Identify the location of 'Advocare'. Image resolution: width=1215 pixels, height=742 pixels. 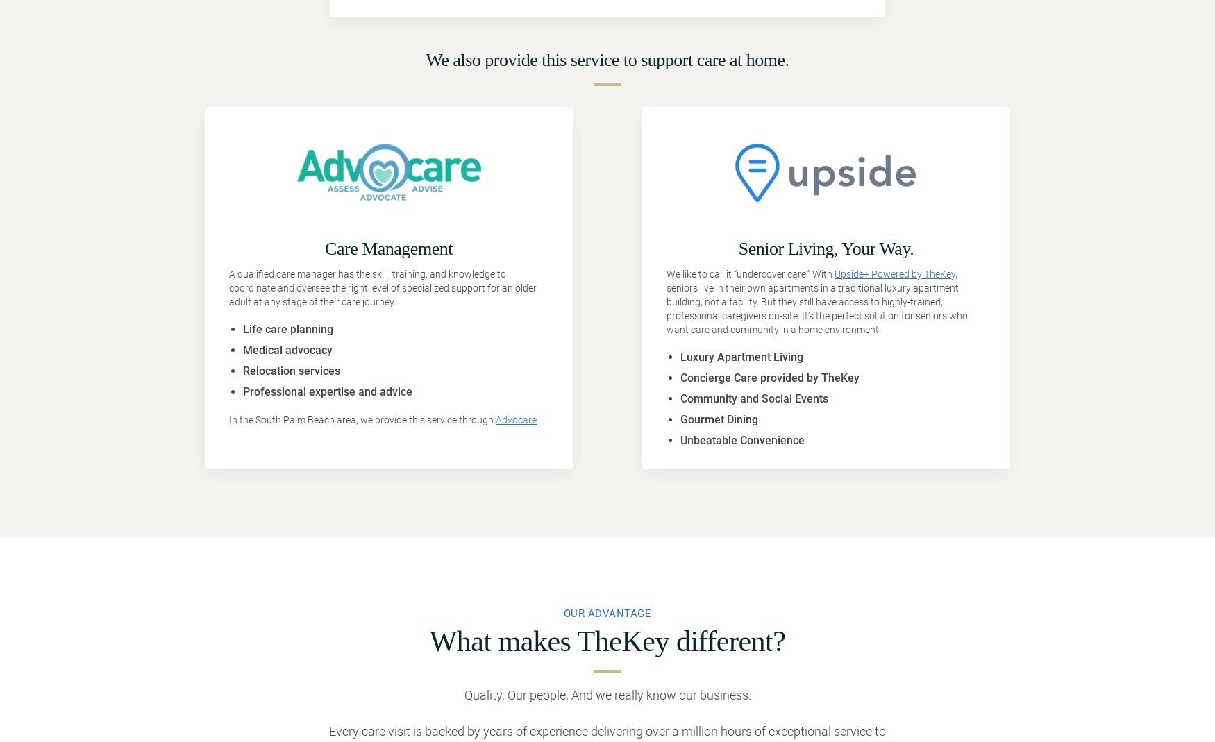
(516, 419).